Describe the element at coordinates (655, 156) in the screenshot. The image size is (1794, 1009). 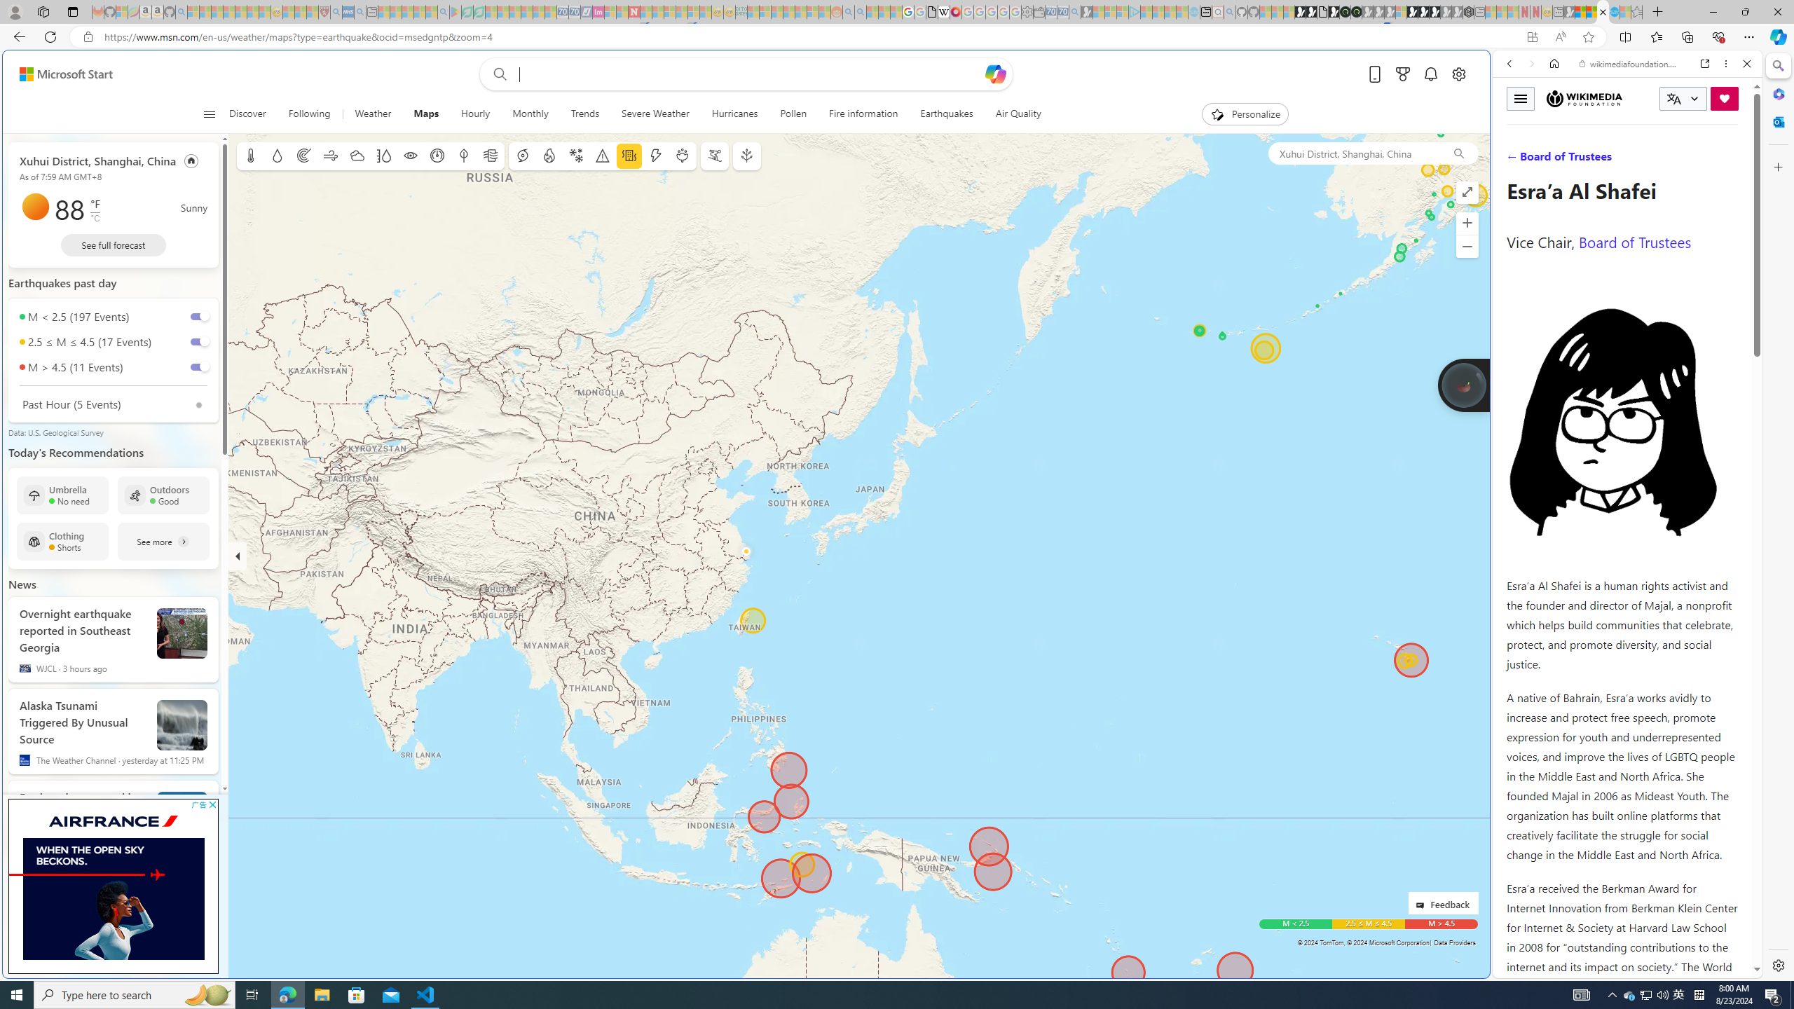
I see `'Lightning'` at that location.